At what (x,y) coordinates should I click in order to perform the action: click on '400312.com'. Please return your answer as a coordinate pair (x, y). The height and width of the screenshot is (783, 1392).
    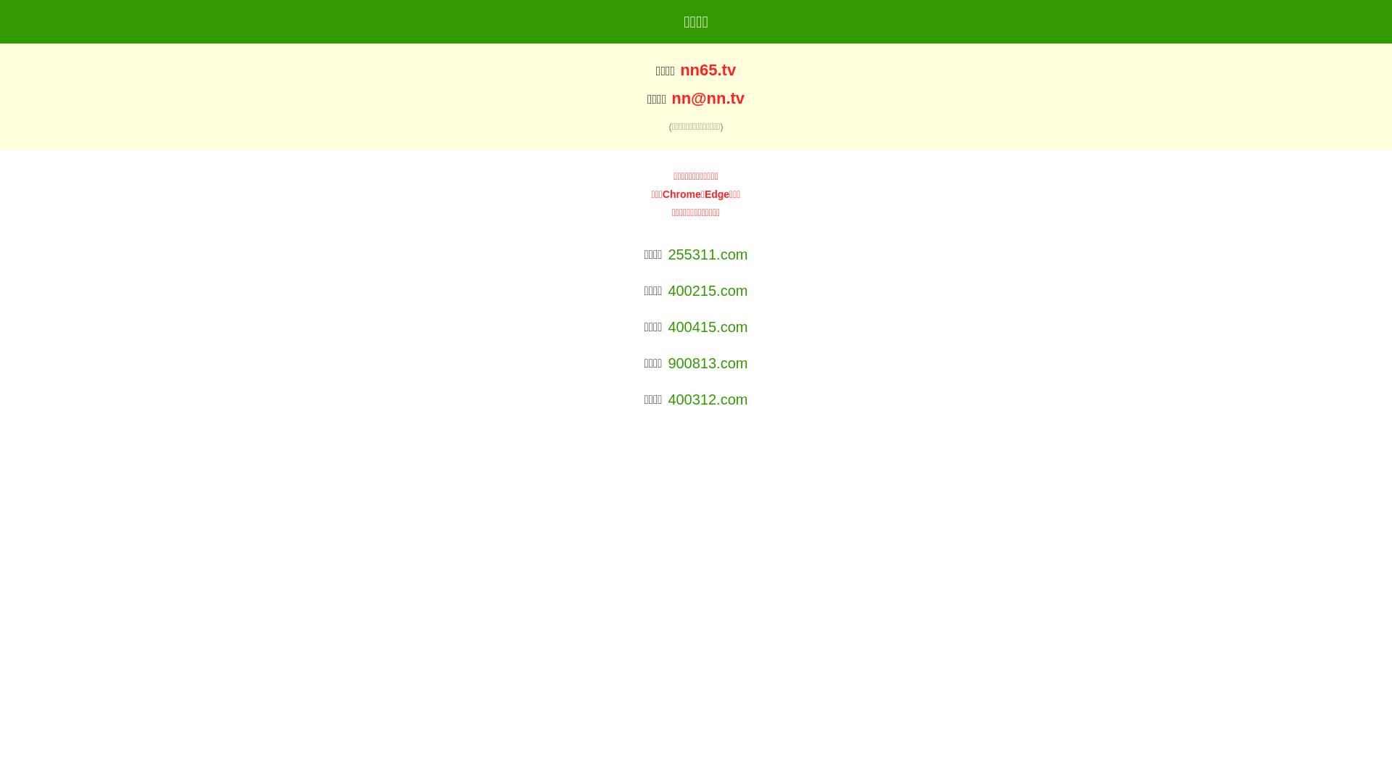
    Looking at the image, I should click on (707, 399).